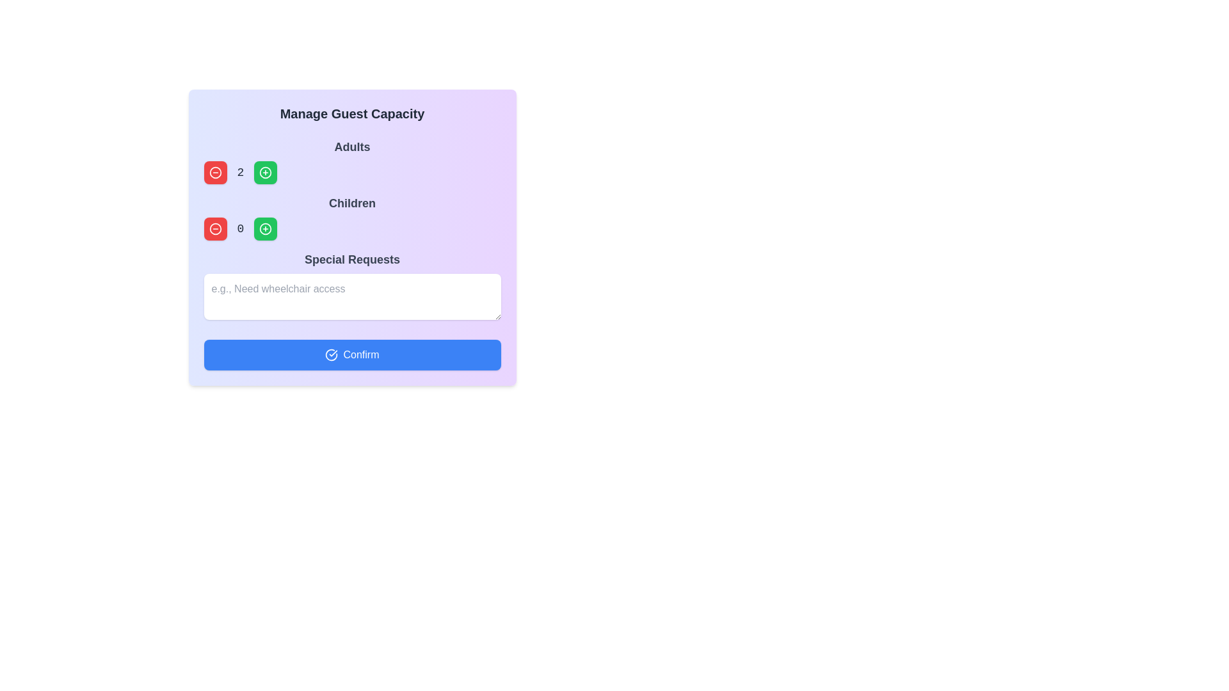 This screenshot has height=691, width=1229. What do you see at coordinates (332, 355) in the screenshot?
I see `the 'Confirm' button, which contains the affirmation Icon positioned towards the left side of the button, adjacent to the text 'Confirm'` at bounding box center [332, 355].